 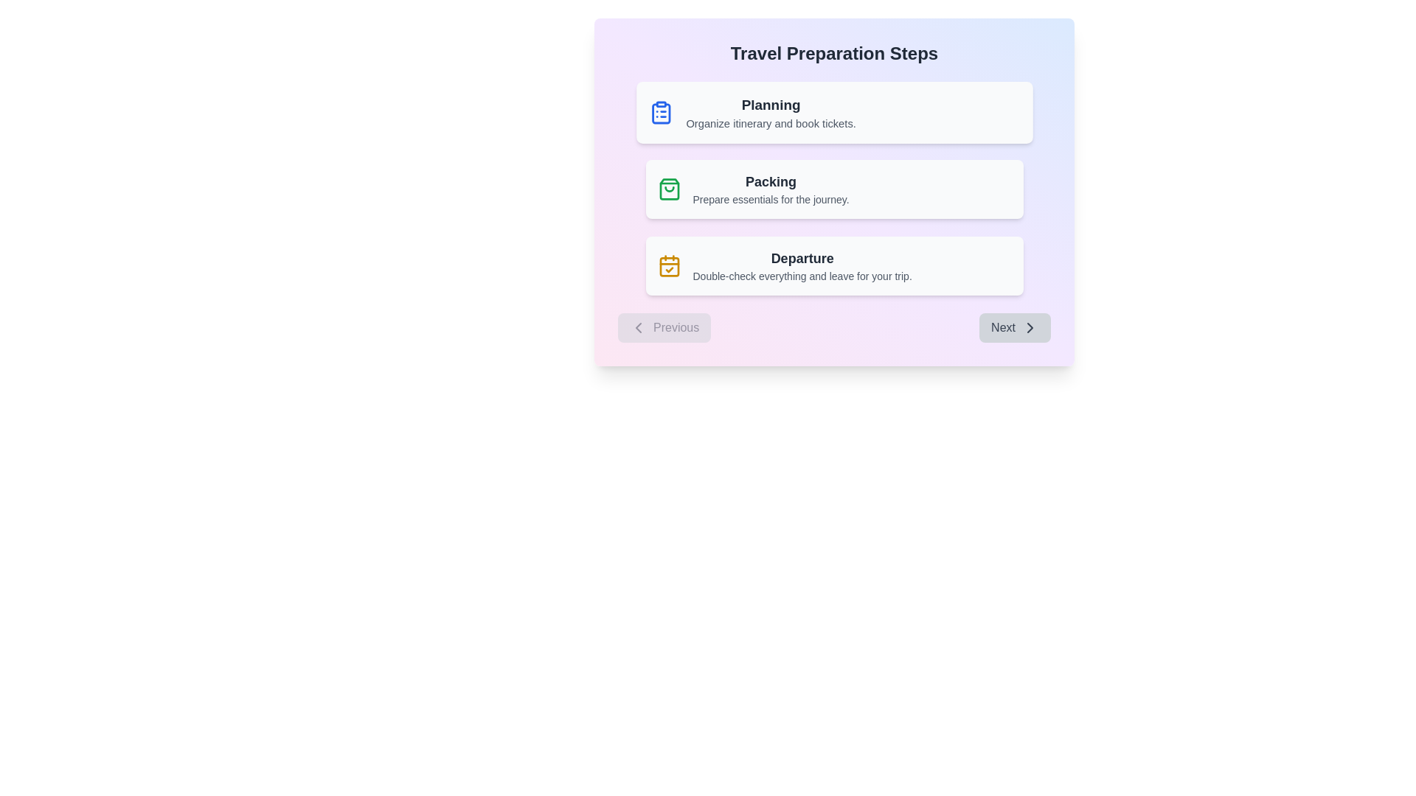 What do you see at coordinates (668, 267) in the screenshot?
I see `the calendar icon element, which is a rectangular shape with rounded corners, featuring a yellow-orange outline and located above the checkmark within the travel steps` at bounding box center [668, 267].